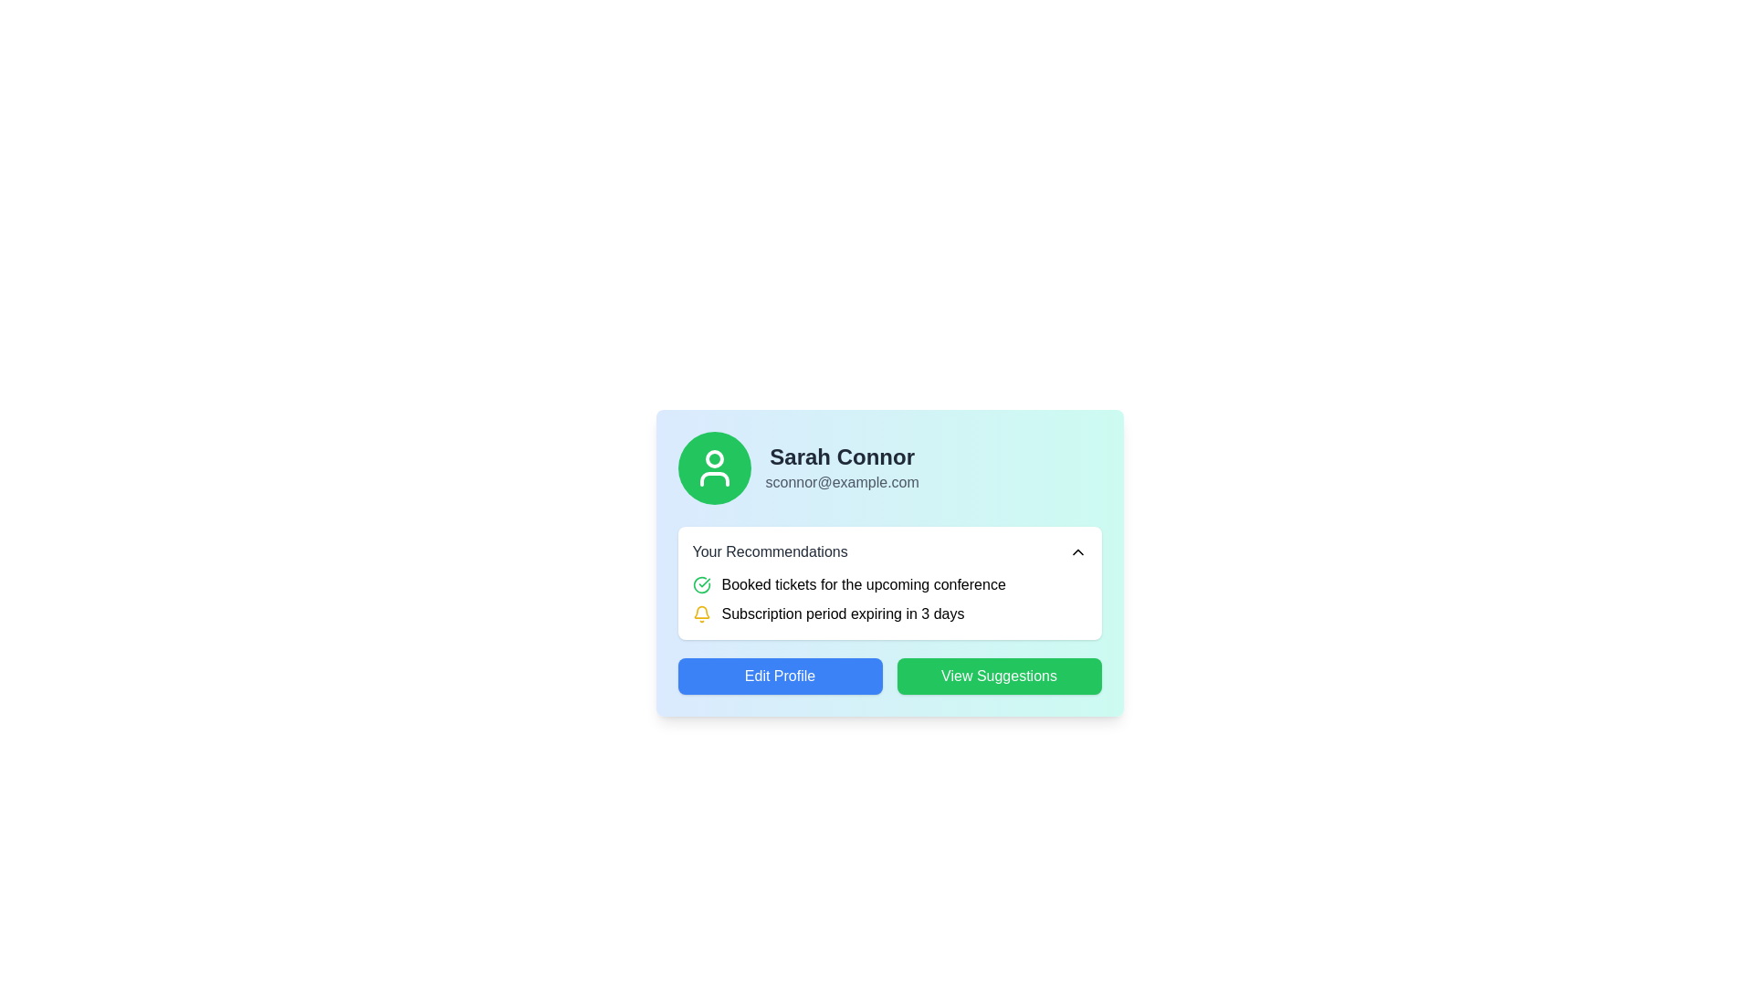 This screenshot has height=986, width=1753. Describe the element at coordinates (780, 676) in the screenshot. I see `the blue 'Edit Profile' button with white text` at that location.